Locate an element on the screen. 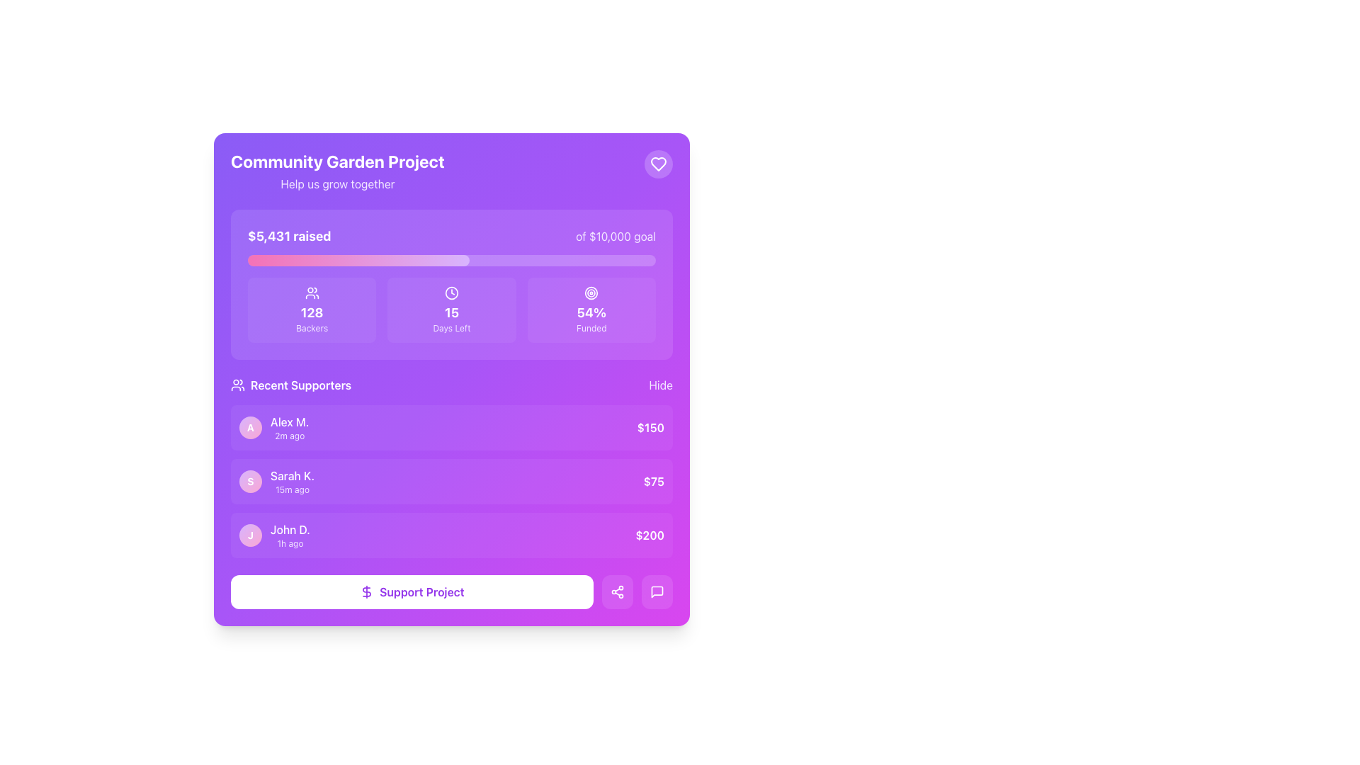 Image resolution: width=1360 pixels, height=765 pixels. the outermost circle of the '54% Funded' box in the project statistics summary section is located at coordinates (591, 292).